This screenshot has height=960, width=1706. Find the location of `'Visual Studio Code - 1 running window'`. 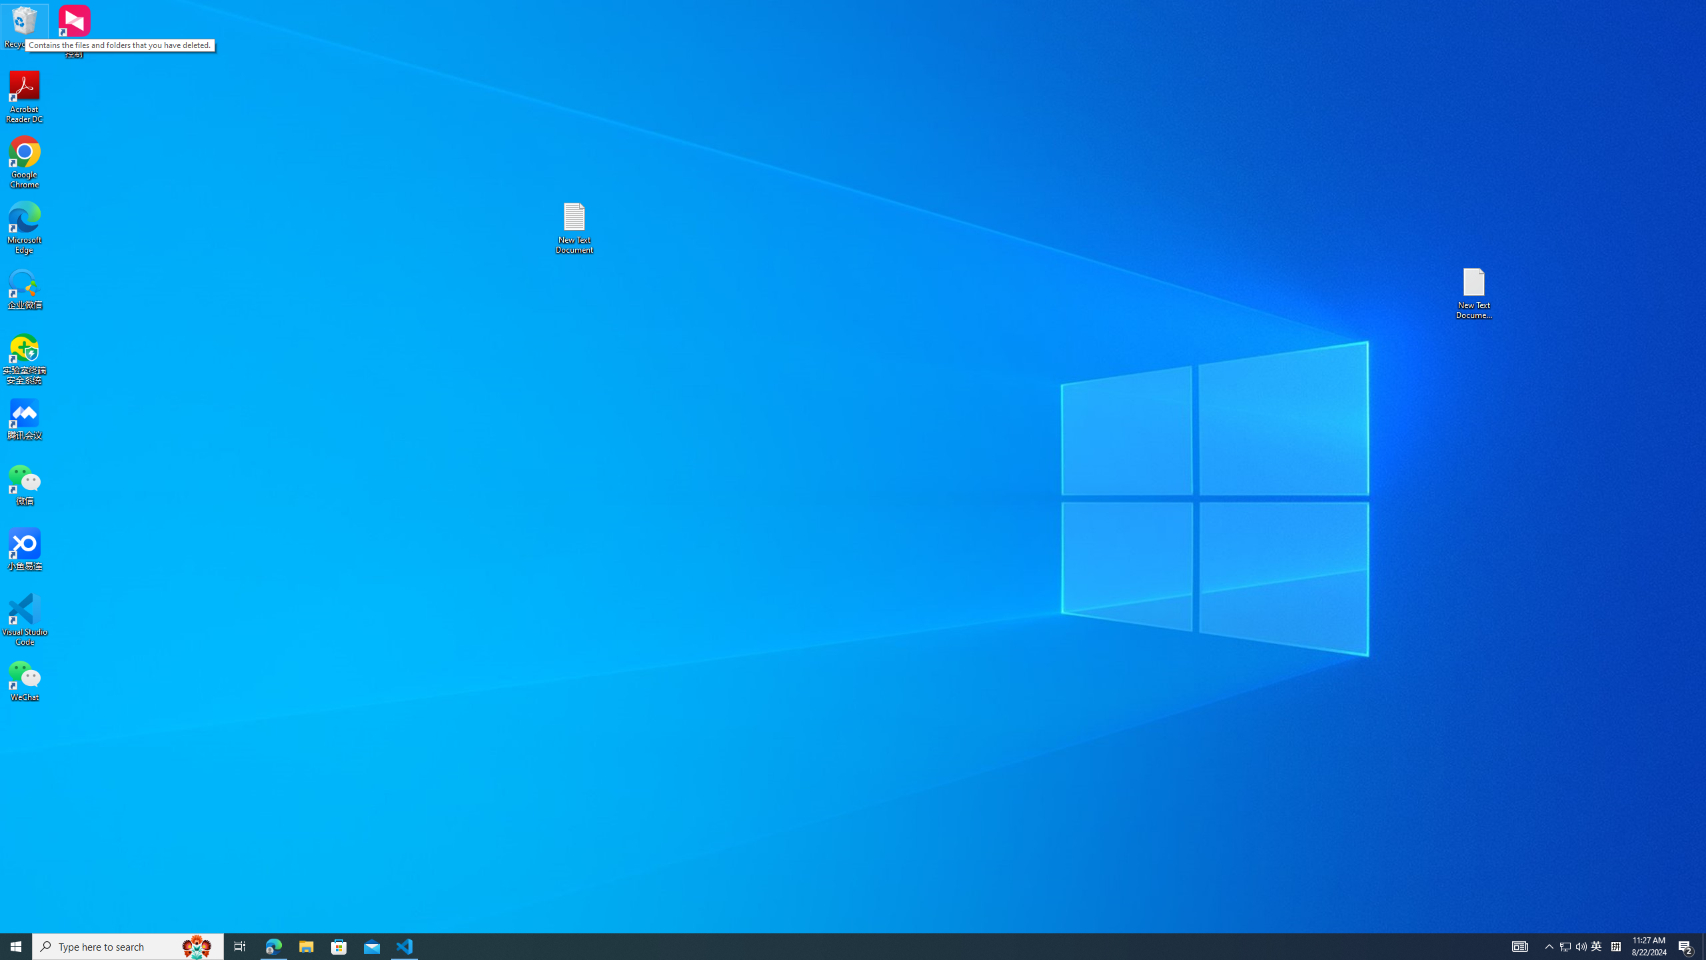

'Visual Studio Code - 1 running window' is located at coordinates (405, 945).